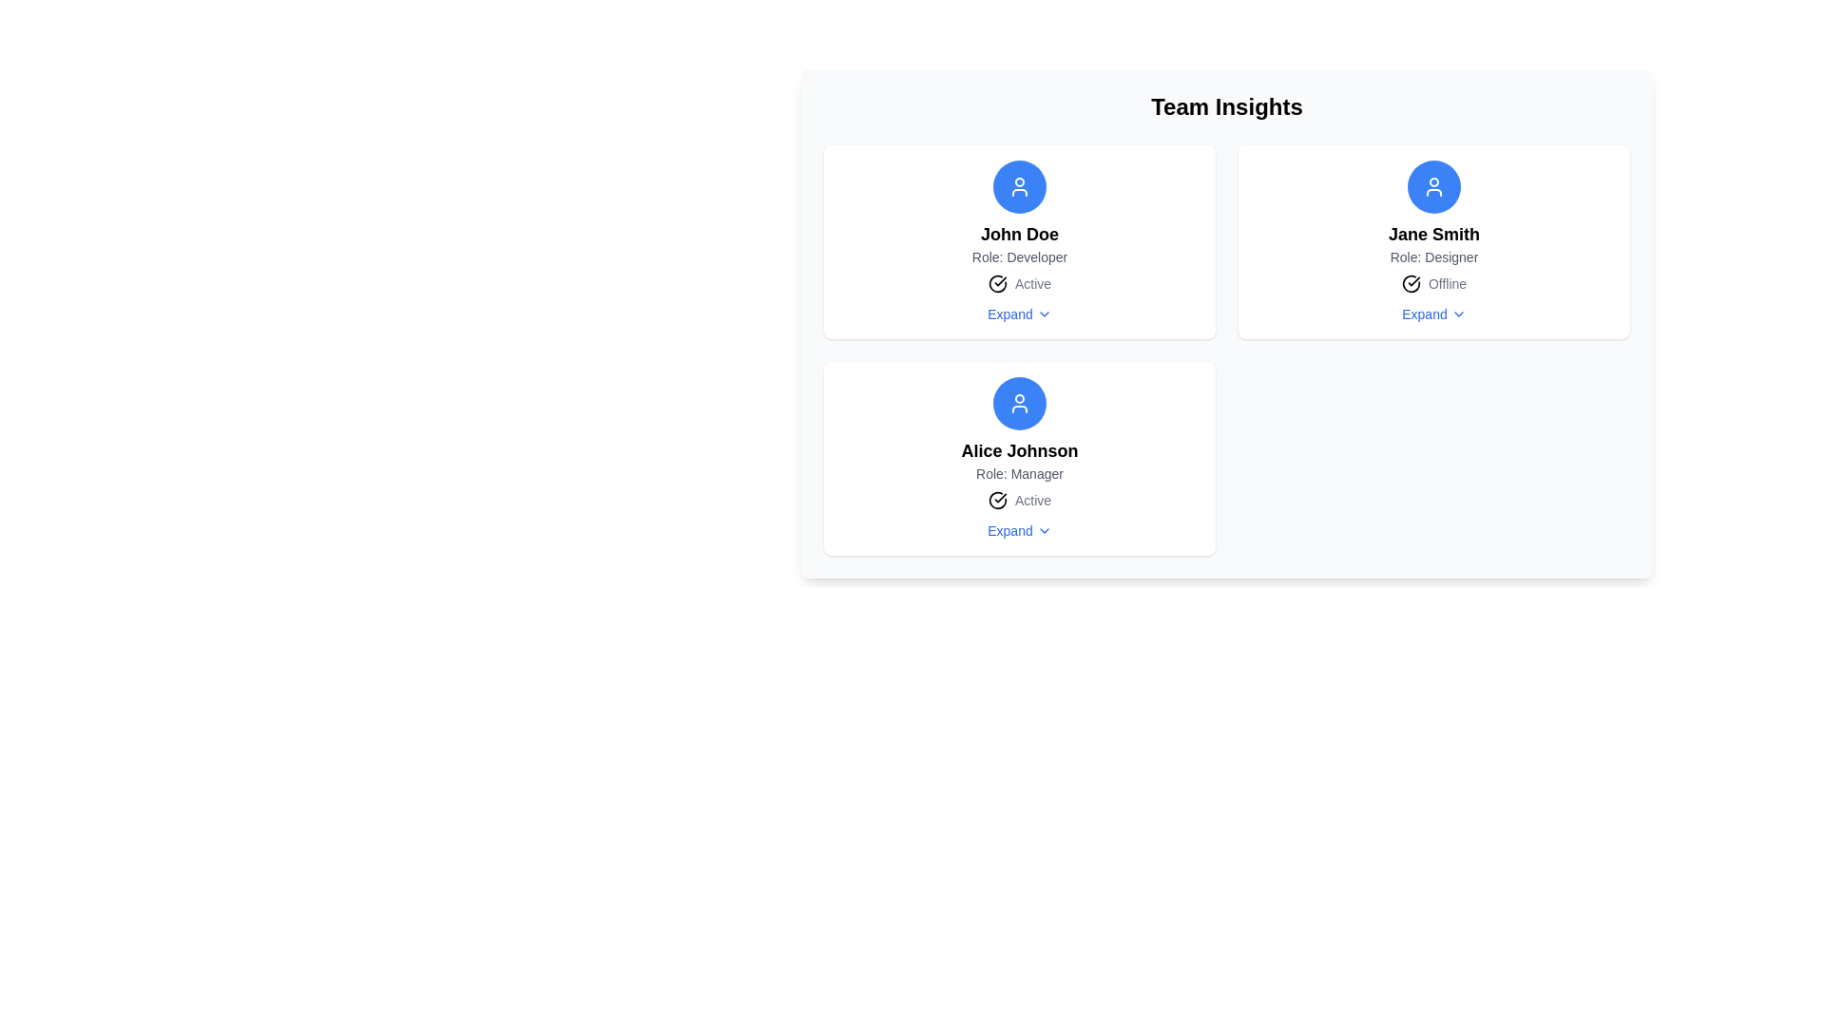  I want to click on the chevron icon located in the bottom center of the card associated with 'Jane Smith', so click(1457, 313).